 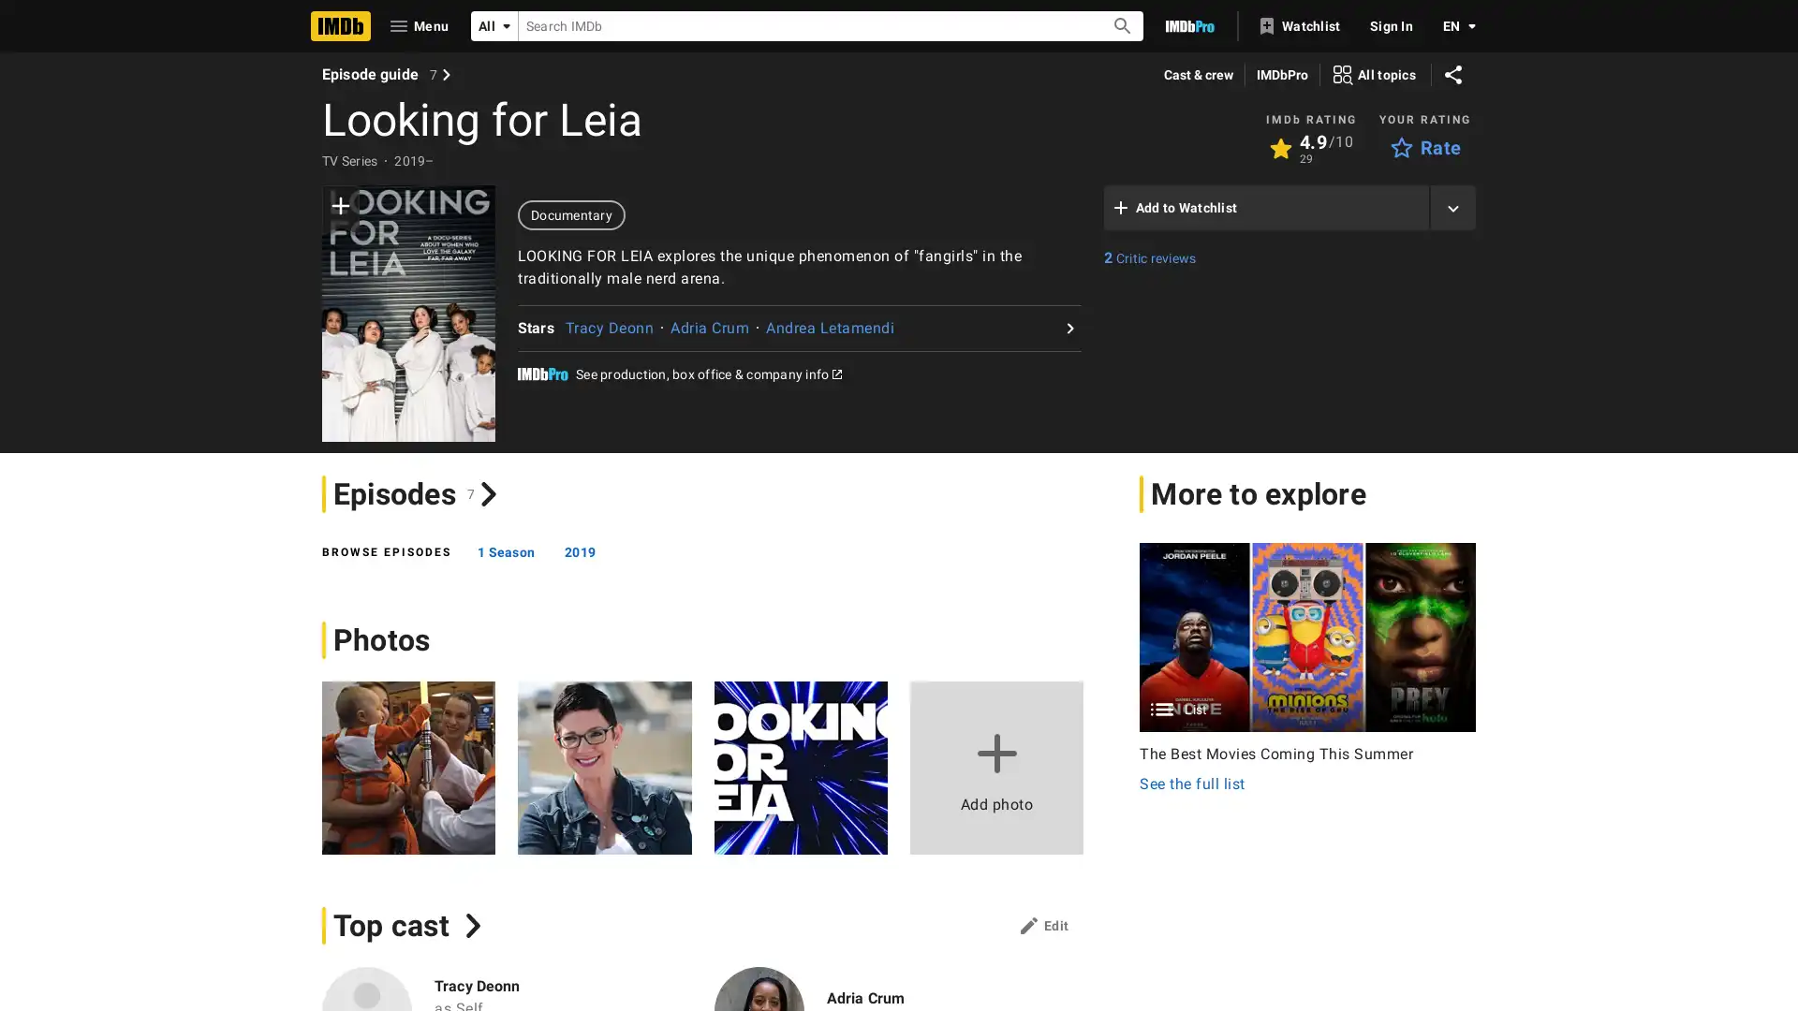 I want to click on Submit Search, so click(x=1123, y=25).